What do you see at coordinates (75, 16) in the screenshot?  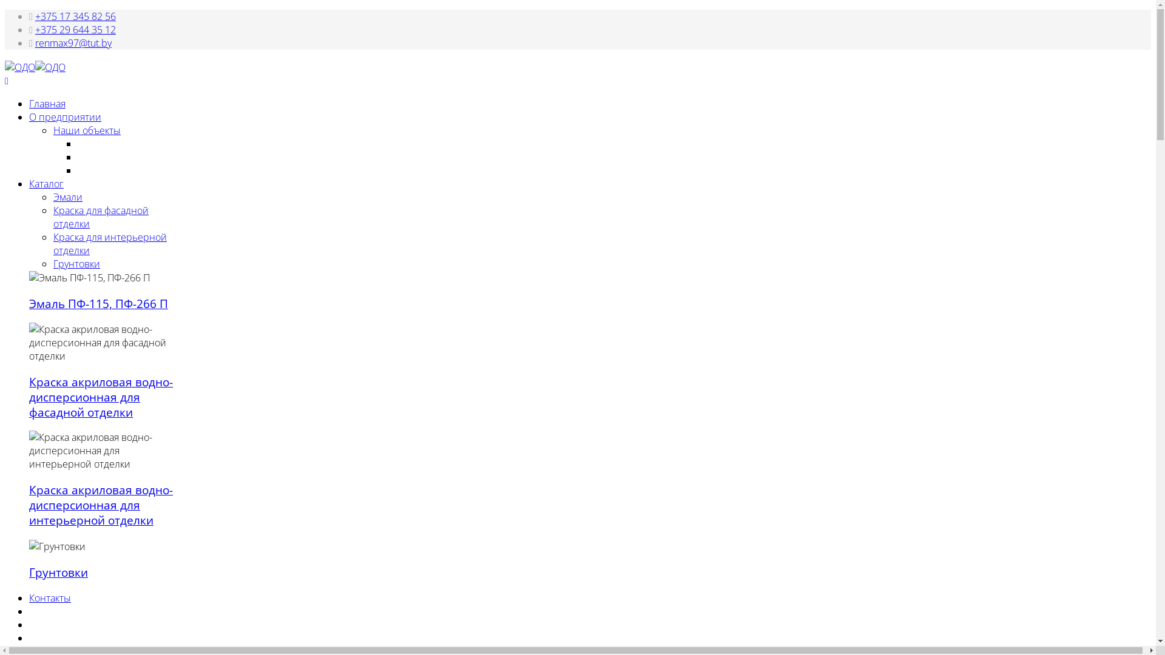 I see `'+375 17 345 82 56'` at bounding box center [75, 16].